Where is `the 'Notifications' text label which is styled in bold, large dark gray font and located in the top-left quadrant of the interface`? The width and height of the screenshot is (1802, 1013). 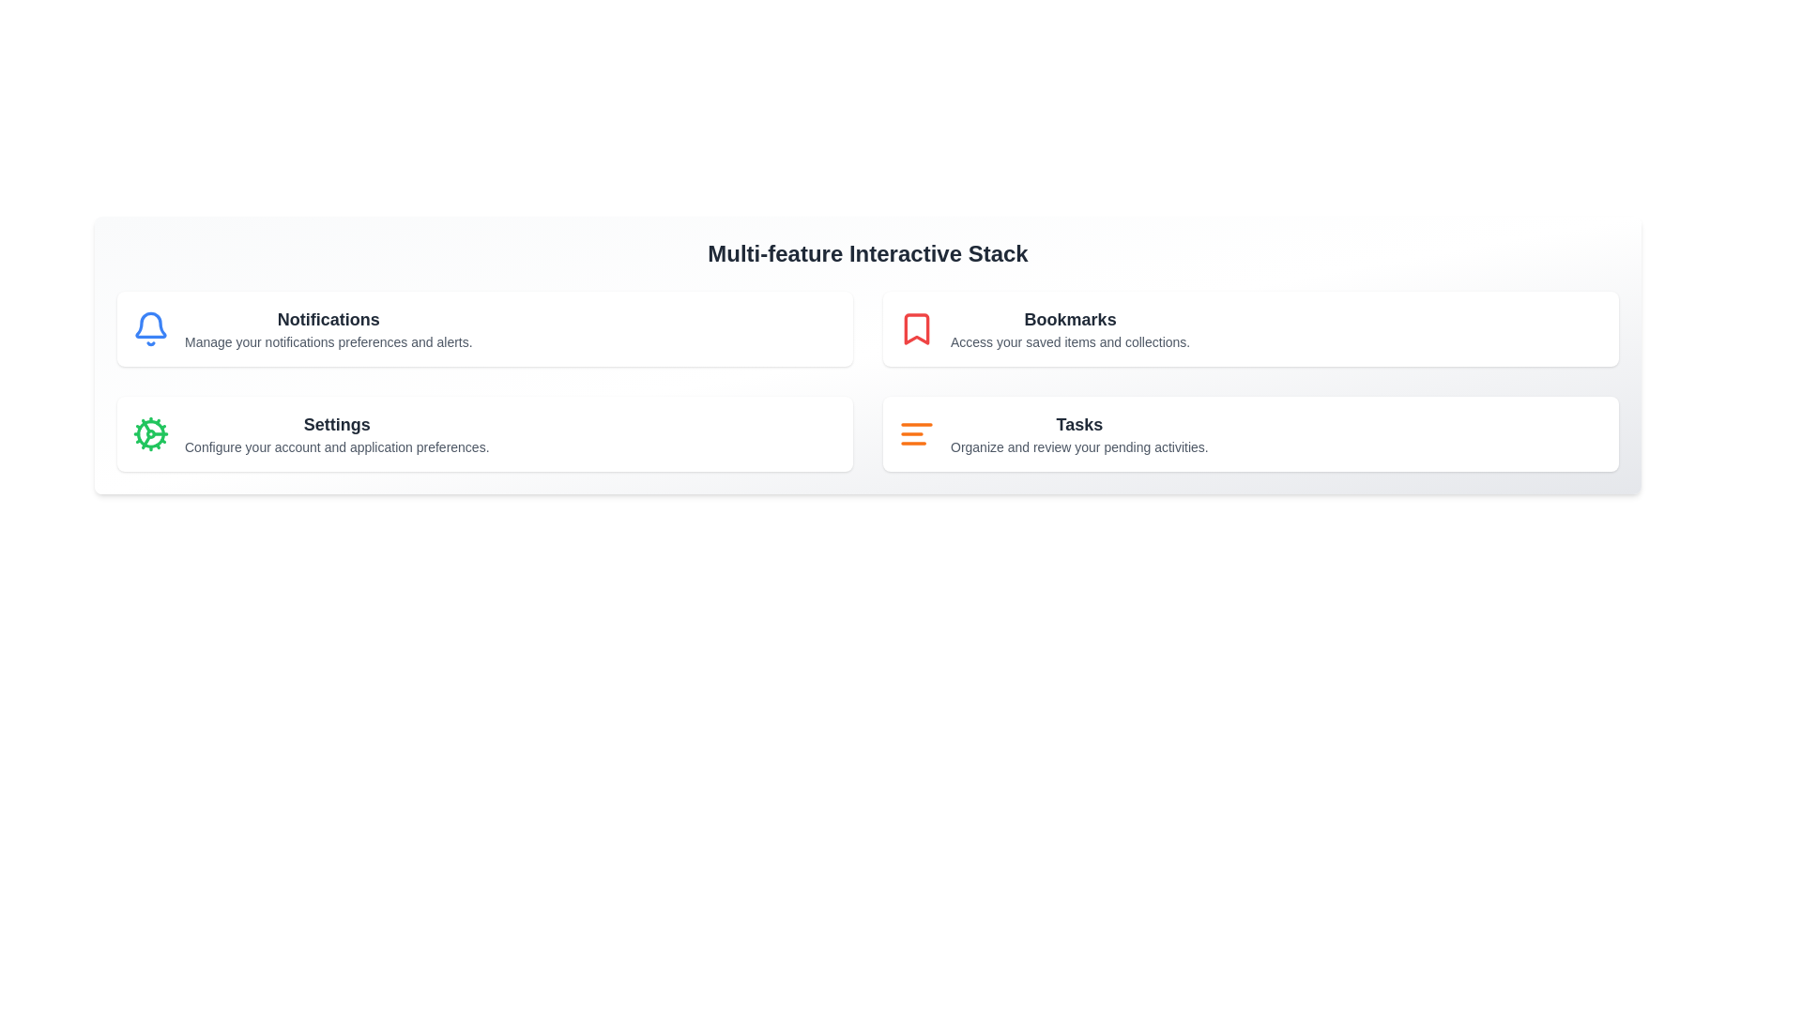
the 'Notifications' text label which is styled in bold, large dark gray font and located in the top-left quadrant of the interface is located at coordinates (328, 318).